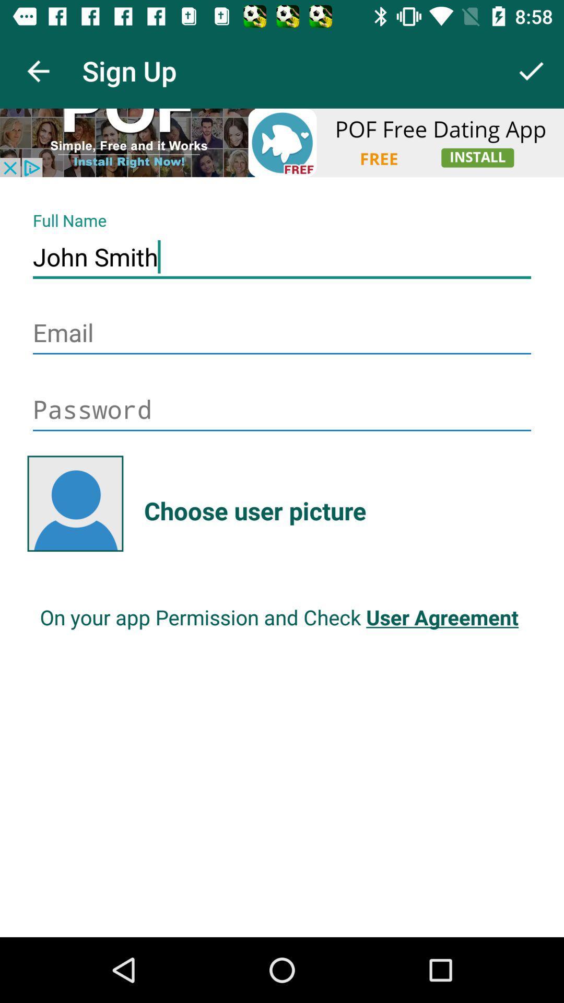  What do you see at coordinates (282, 333) in the screenshot?
I see `email address` at bounding box center [282, 333].